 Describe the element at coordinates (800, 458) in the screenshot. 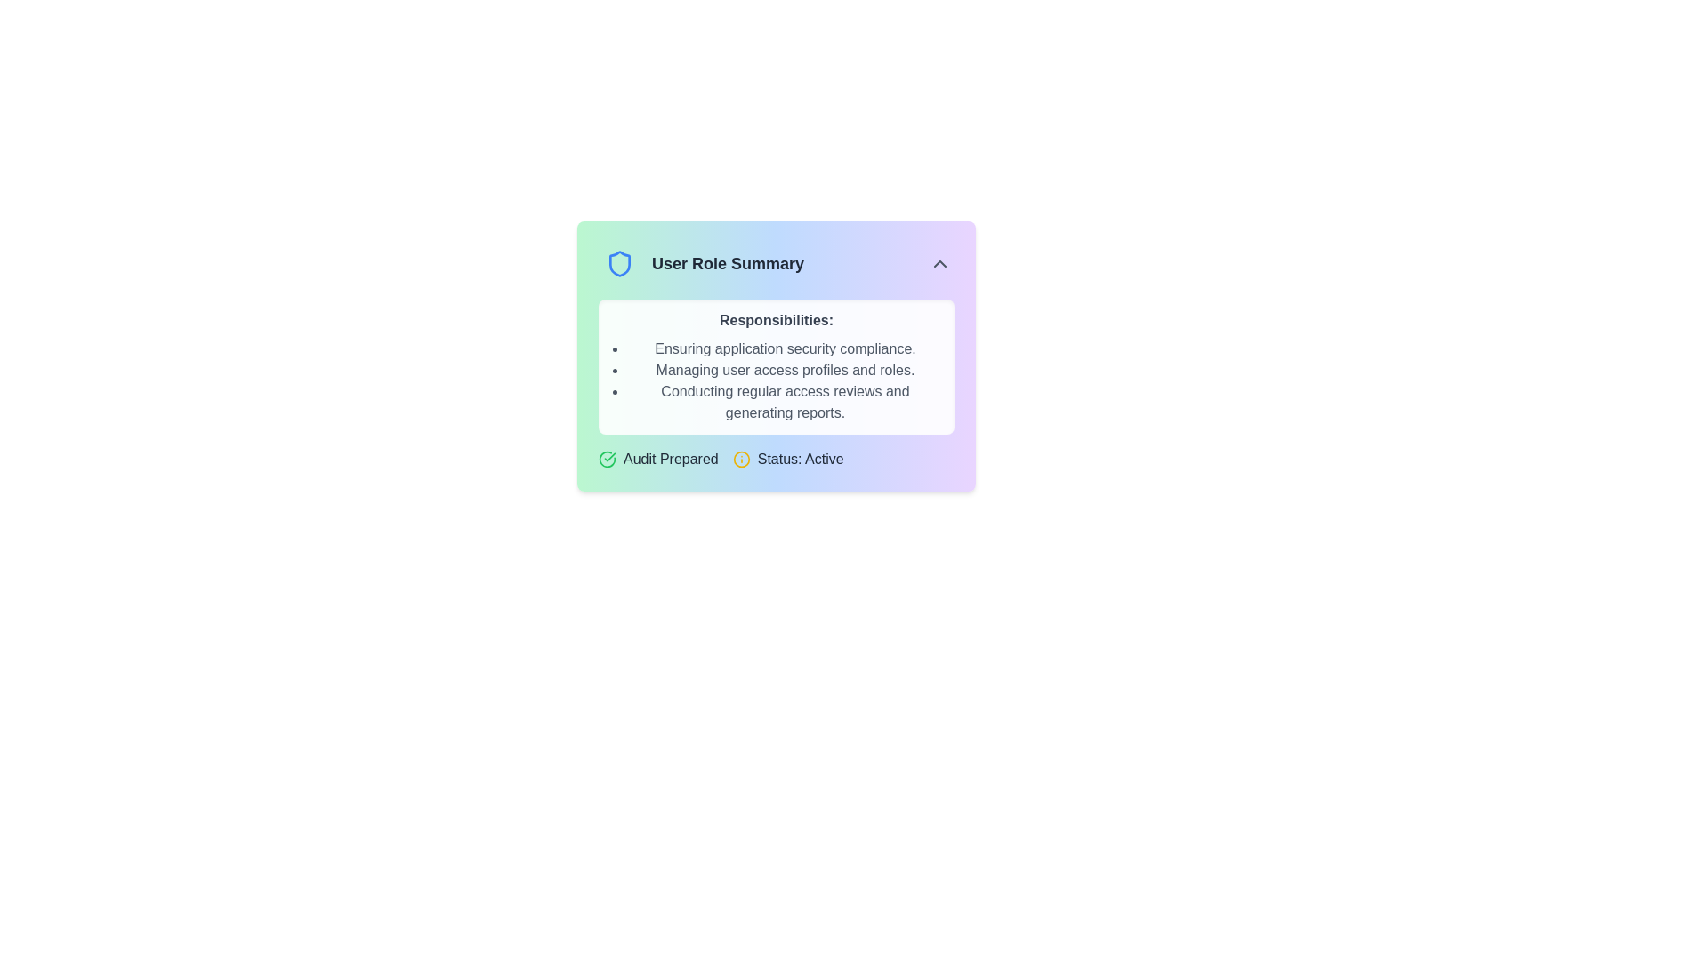

I see `the text label displaying 'Status: Active', which is styled in dark gray and positioned near the bottom right of the 'User Role Summary' card interface, adjacent to a yellow information icon` at that location.